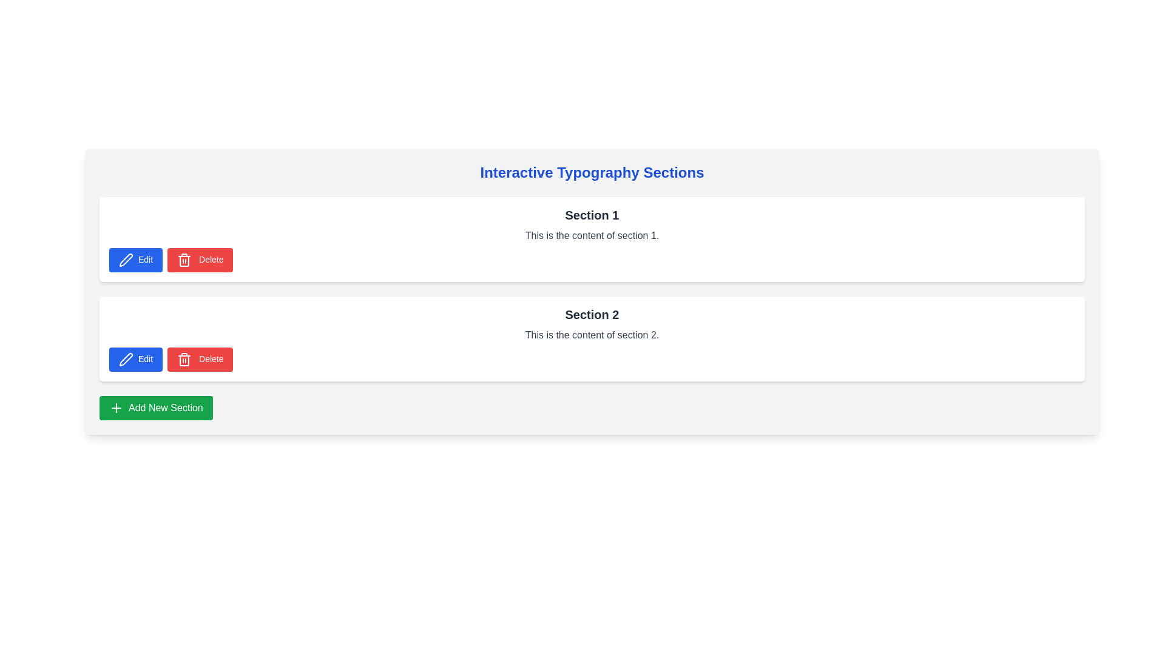 The width and height of the screenshot is (1165, 655). Describe the element at coordinates (592, 236) in the screenshot. I see `the text block displaying 'This is the content of section 1.' which is located beneath the 'Section 1' heading` at that location.